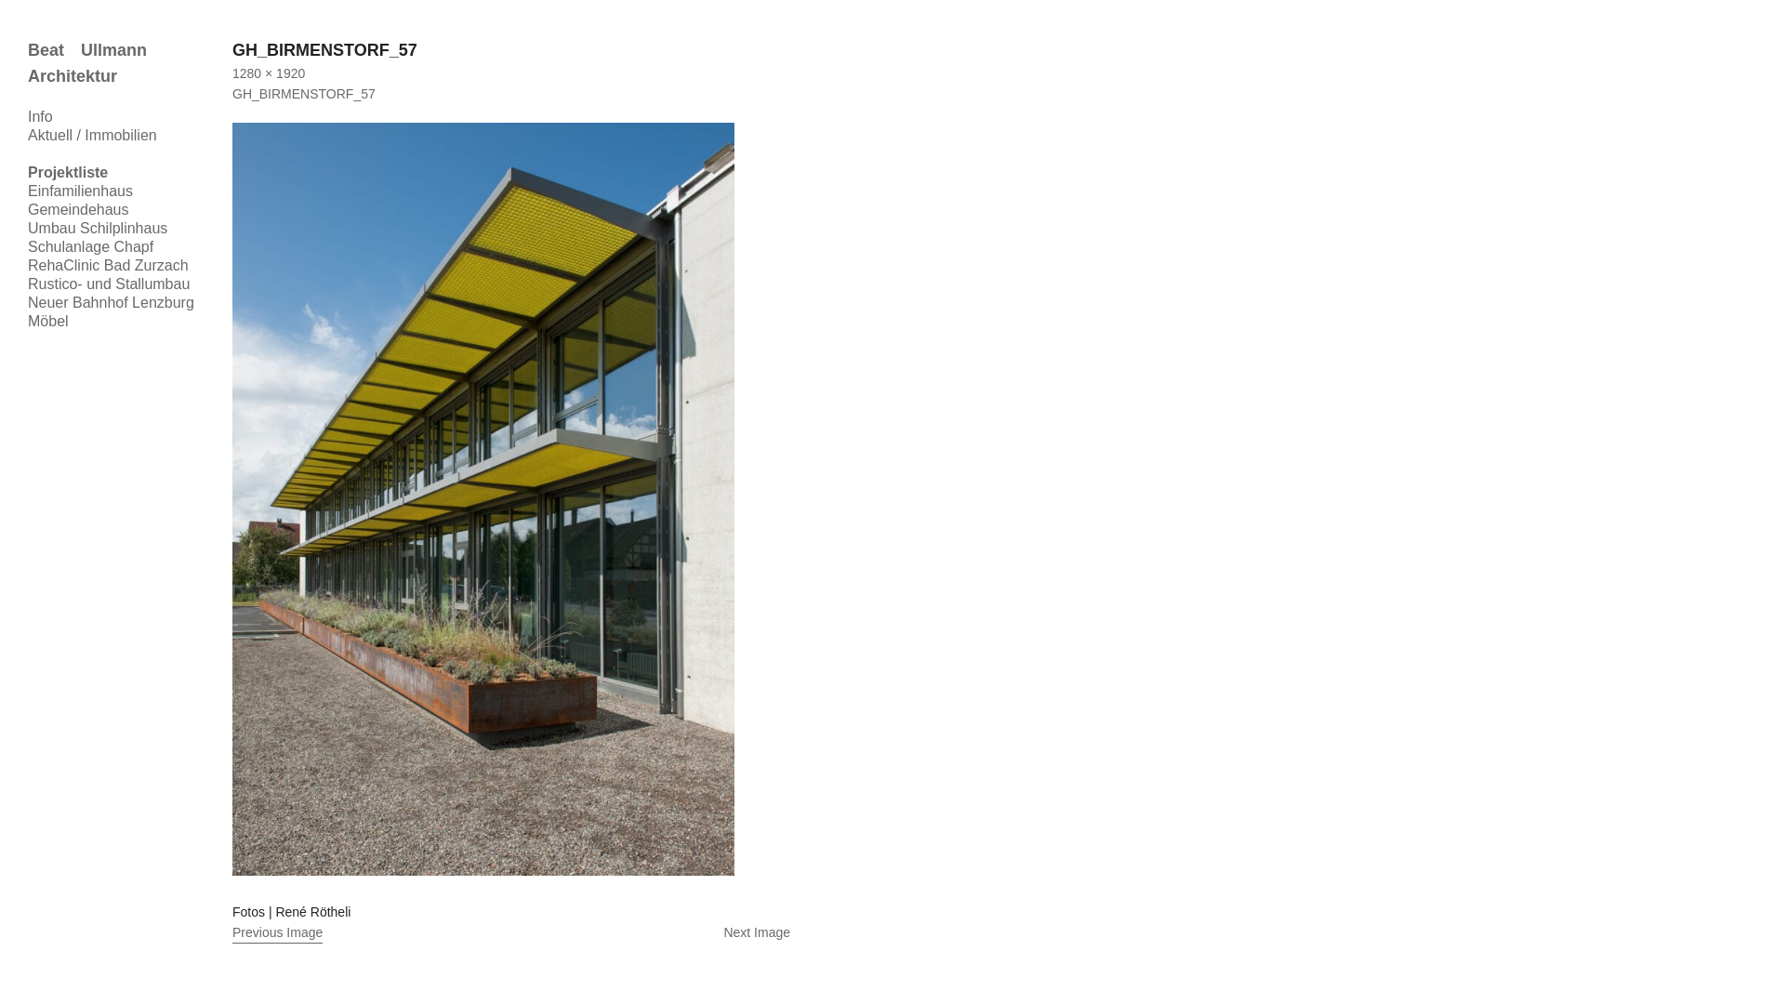  I want to click on 'Schulanlage Chapf', so click(89, 245).